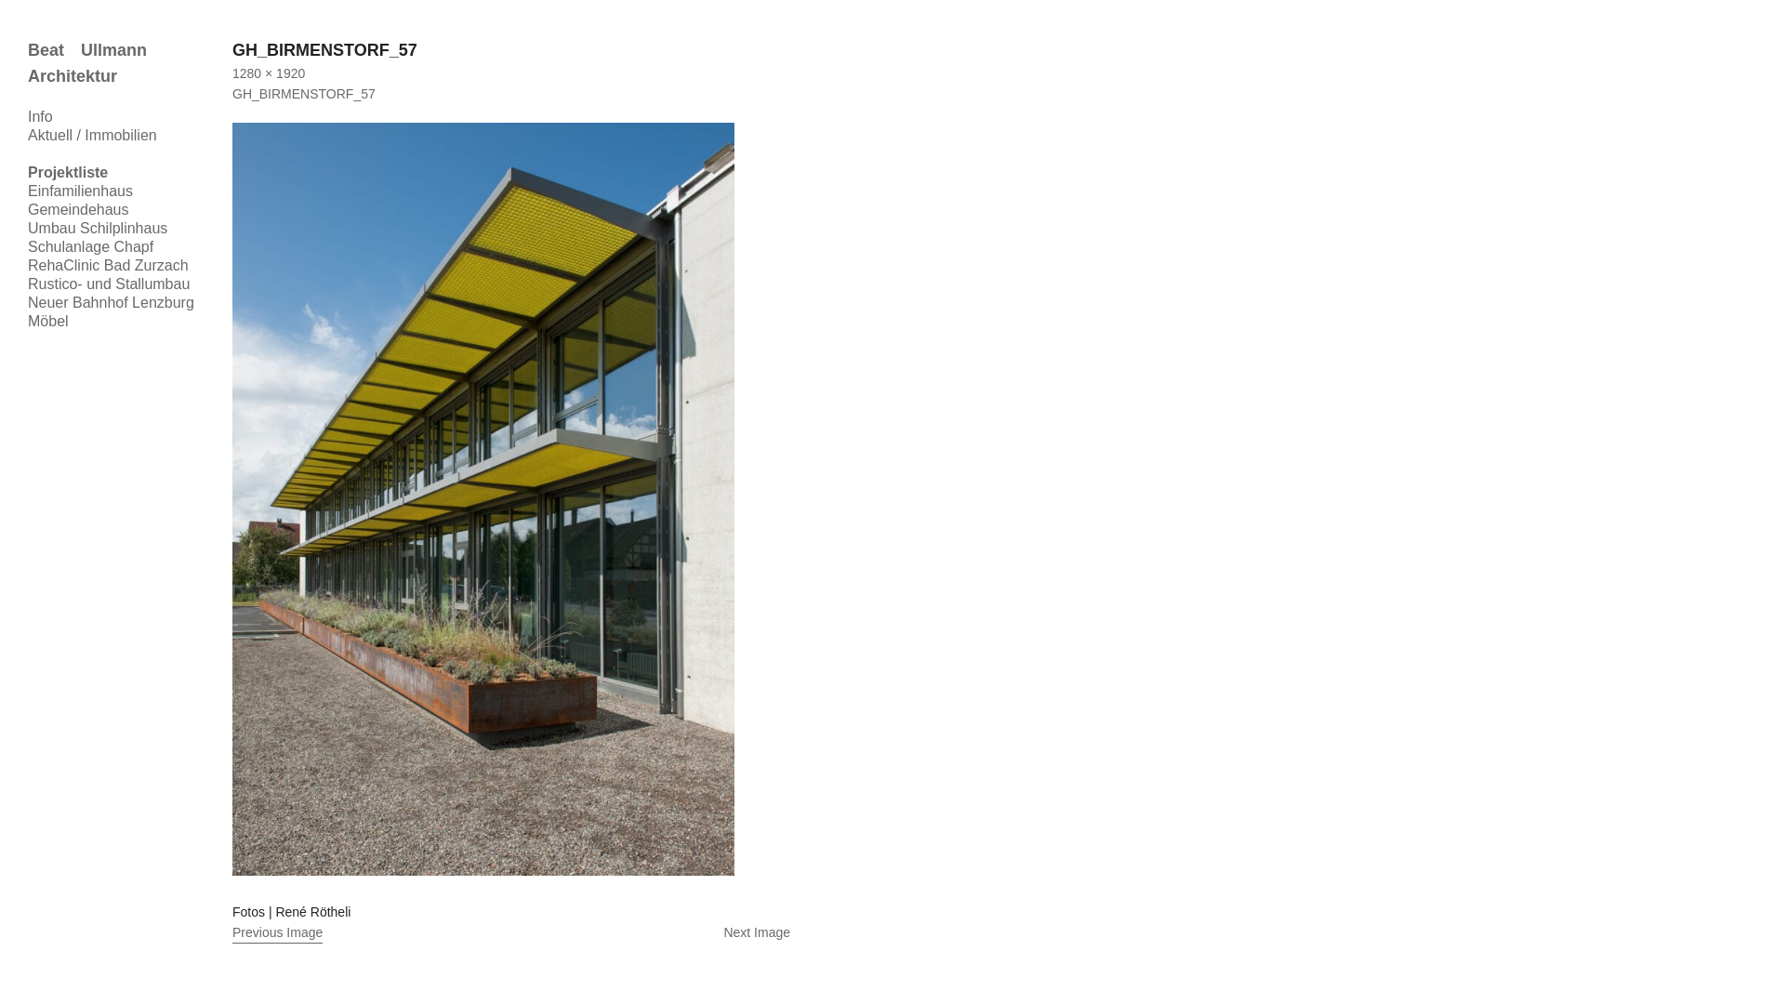  I want to click on 'Schulanlage Chapf', so click(89, 245).